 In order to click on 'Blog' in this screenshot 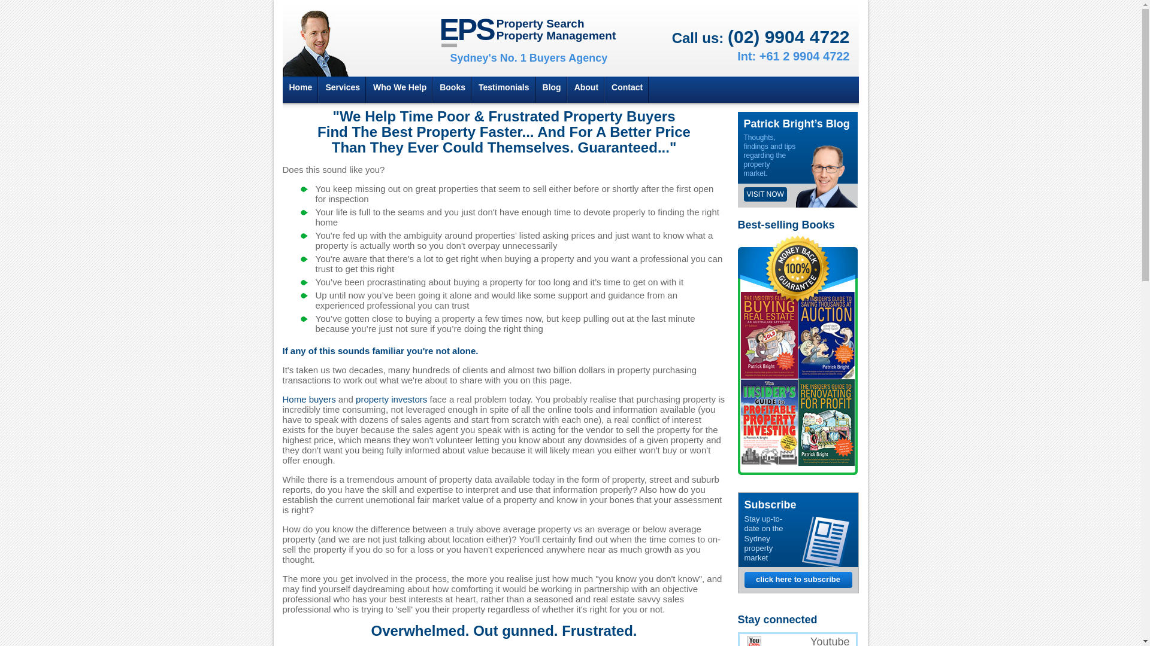, I will do `click(537, 89)`.